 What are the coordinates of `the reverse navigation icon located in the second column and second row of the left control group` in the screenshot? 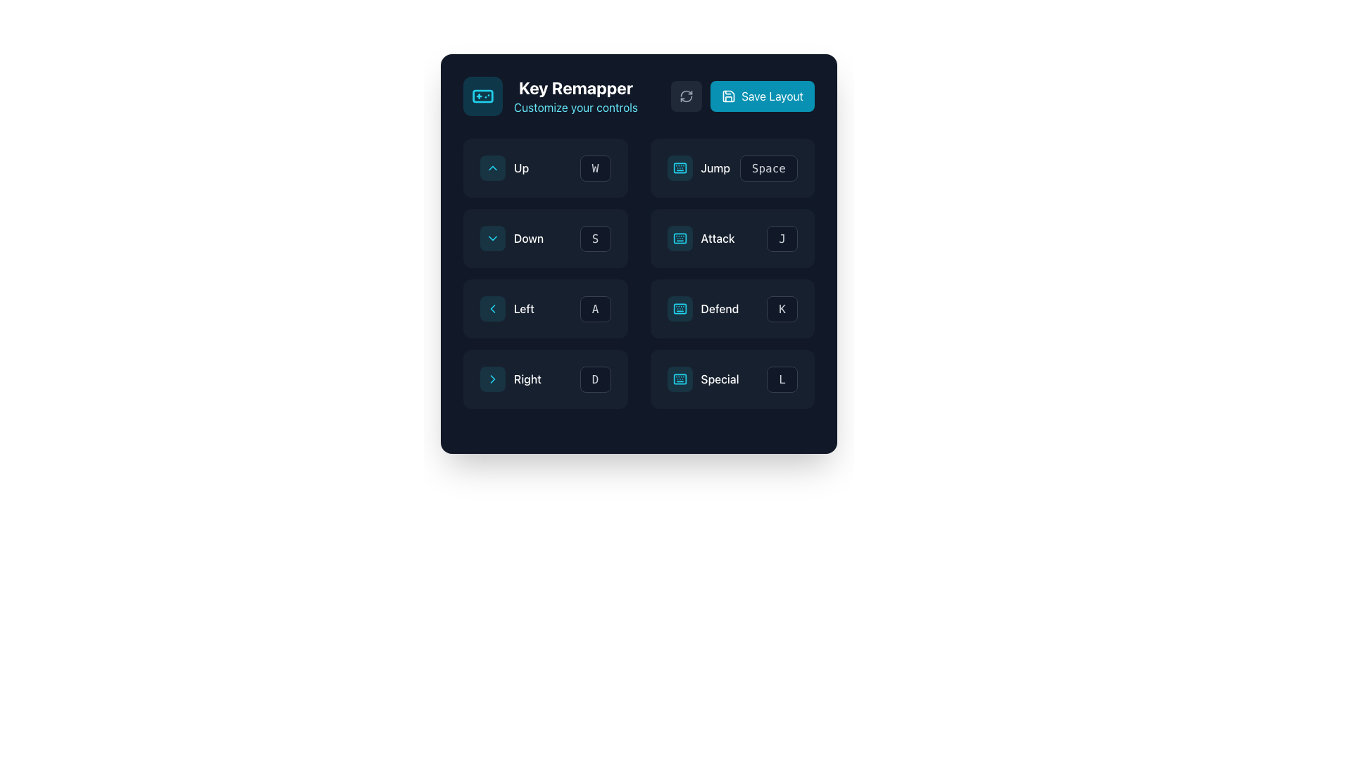 It's located at (493, 308).